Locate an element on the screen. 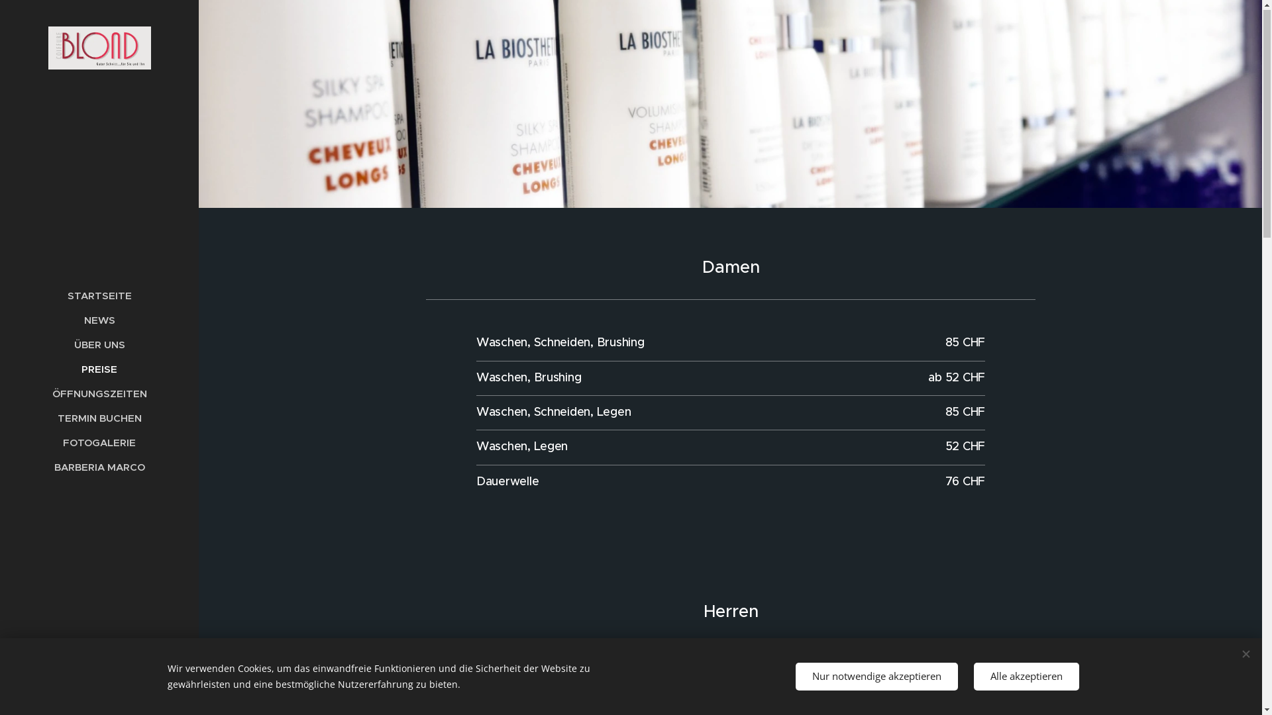  'NEWS' is located at coordinates (3, 320).